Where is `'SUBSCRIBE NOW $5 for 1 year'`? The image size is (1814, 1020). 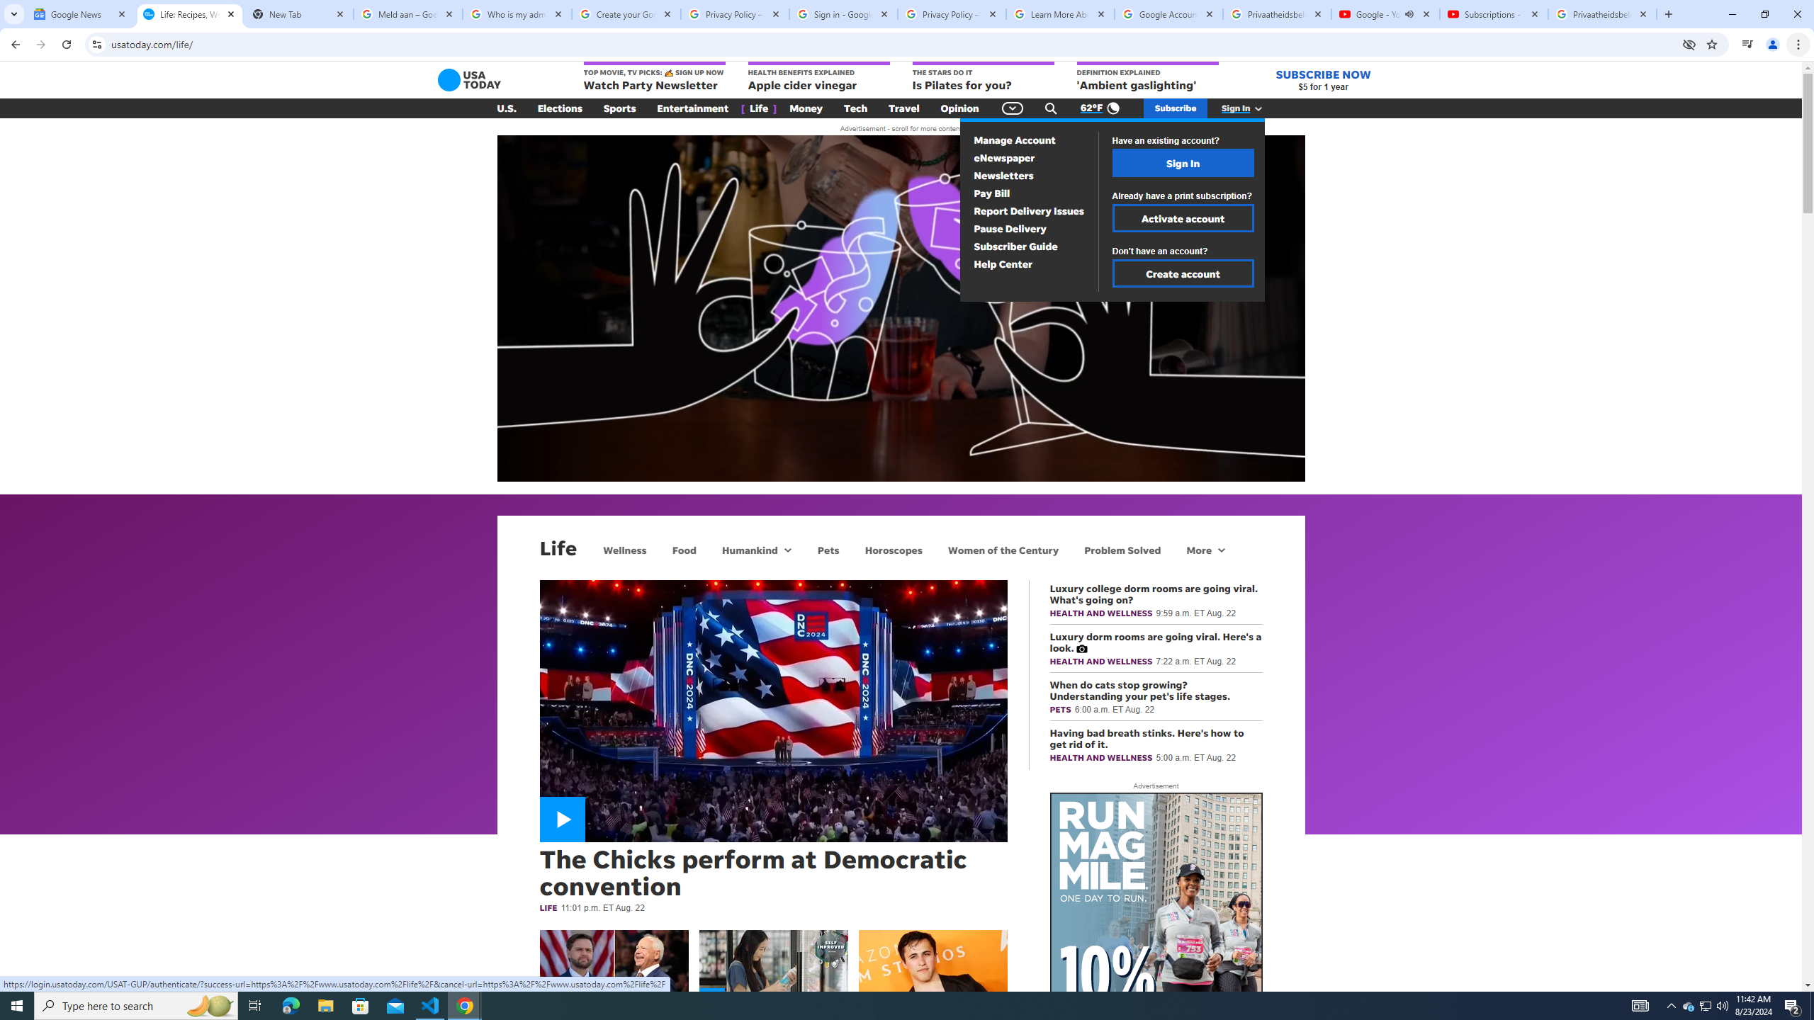 'SUBSCRIBE NOW $5 for 1 year' is located at coordinates (1323, 79).